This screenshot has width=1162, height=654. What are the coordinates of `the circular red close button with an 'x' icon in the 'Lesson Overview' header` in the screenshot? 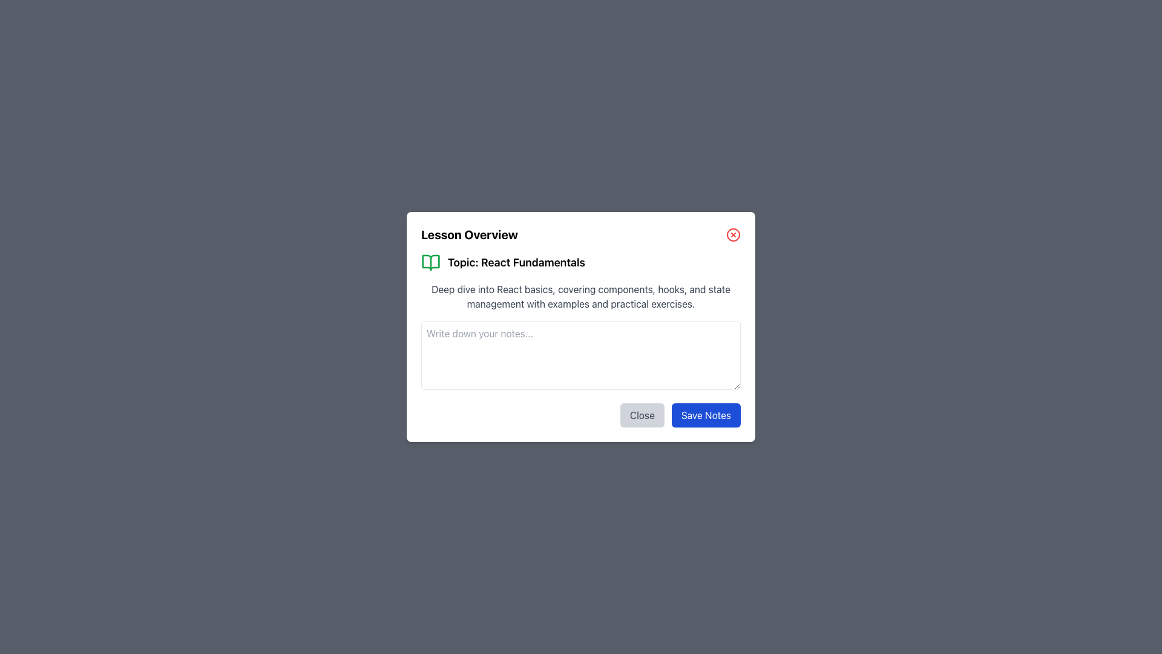 It's located at (581, 235).